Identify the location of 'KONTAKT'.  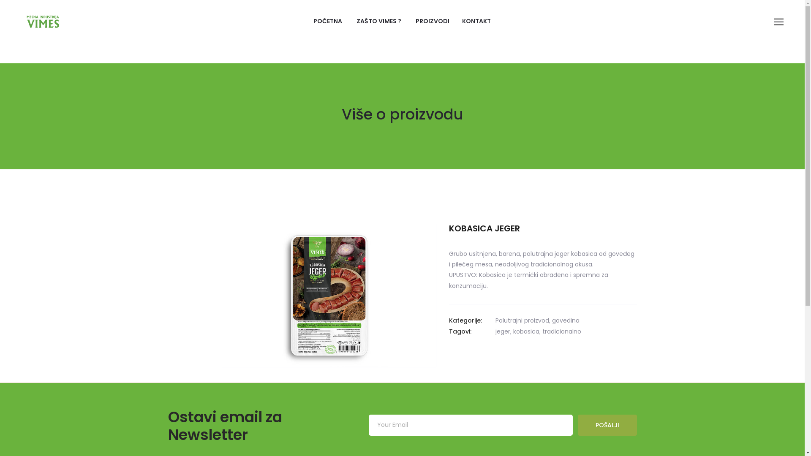
(476, 21).